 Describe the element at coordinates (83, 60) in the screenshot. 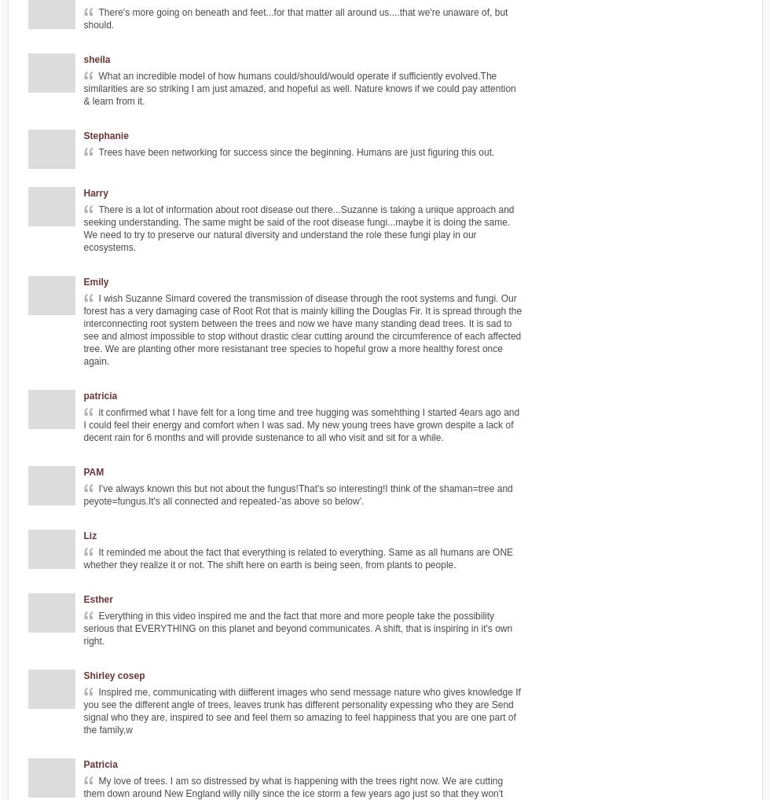

I see `'sheila'` at that location.